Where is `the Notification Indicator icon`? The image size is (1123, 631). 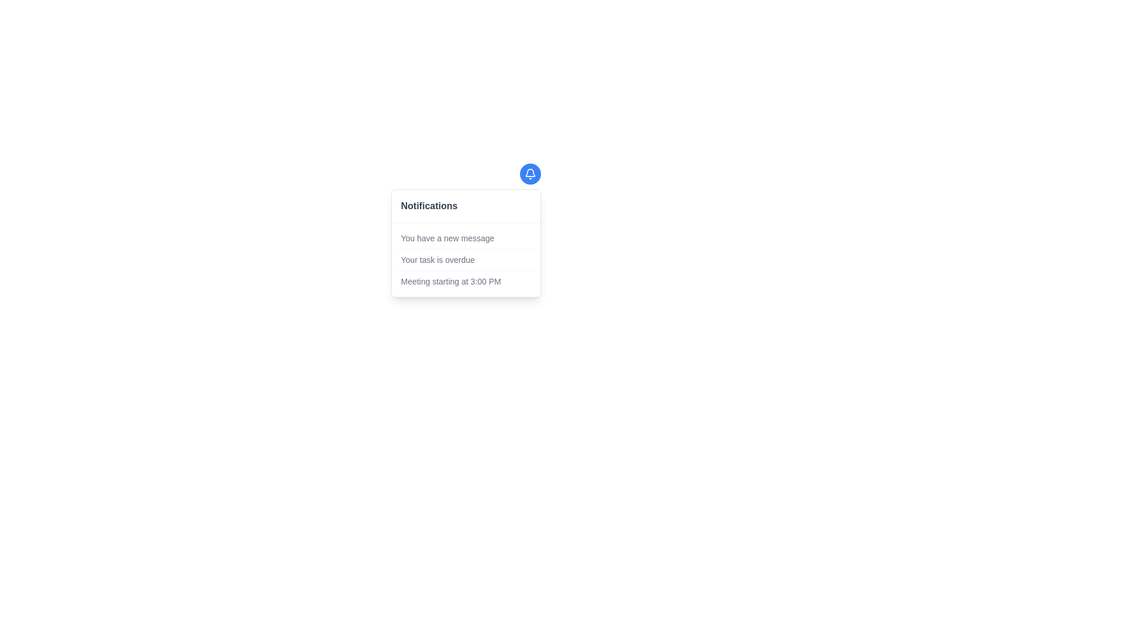
the Notification Indicator icon is located at coordinates (529, 174).